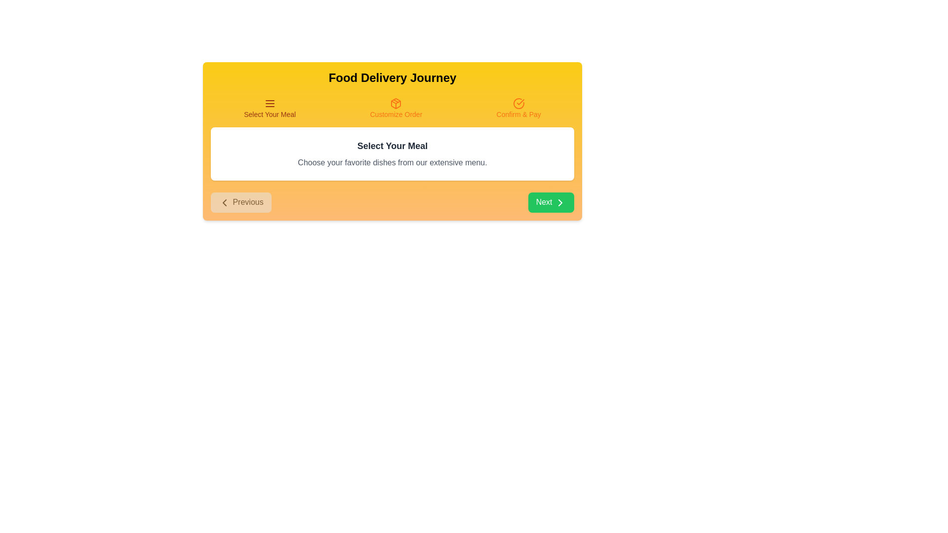 The height and width of the screenshot is (533, 948). Describe the element at coordinates (392, 77) in the screenshot. I see `text content of the bold, centered label that says 'Food Delivery Journey', which is located at the top center of the card styled with an orange gradient background` at that location.